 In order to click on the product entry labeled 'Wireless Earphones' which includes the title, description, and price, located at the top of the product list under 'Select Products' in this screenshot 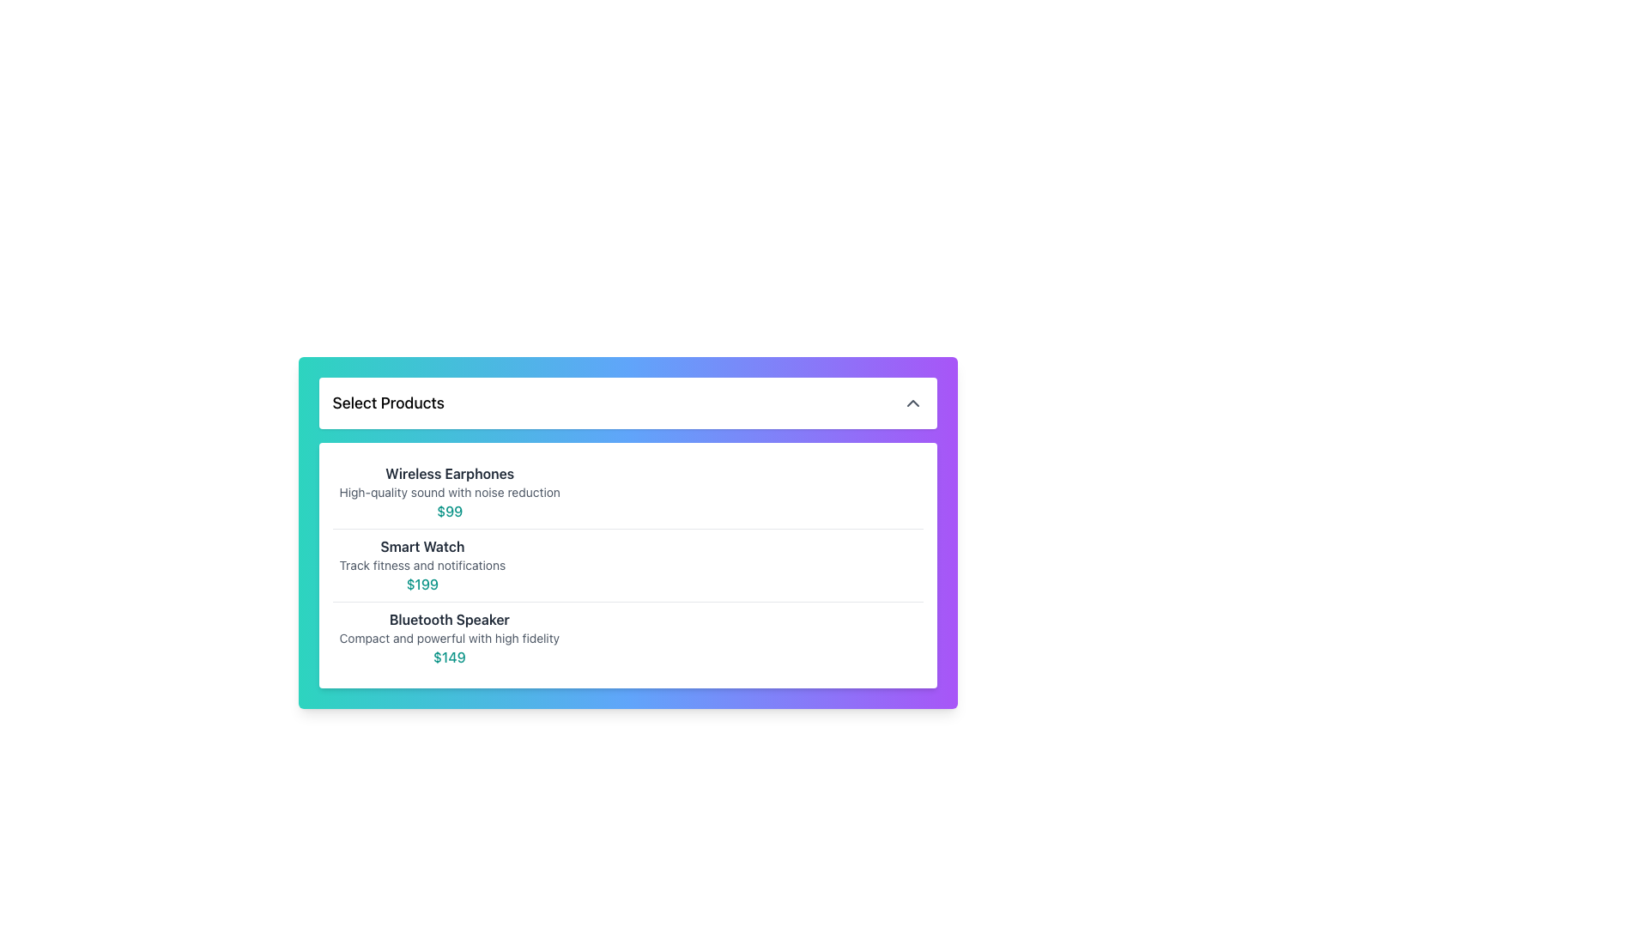, I will do `click(627, 493)`.